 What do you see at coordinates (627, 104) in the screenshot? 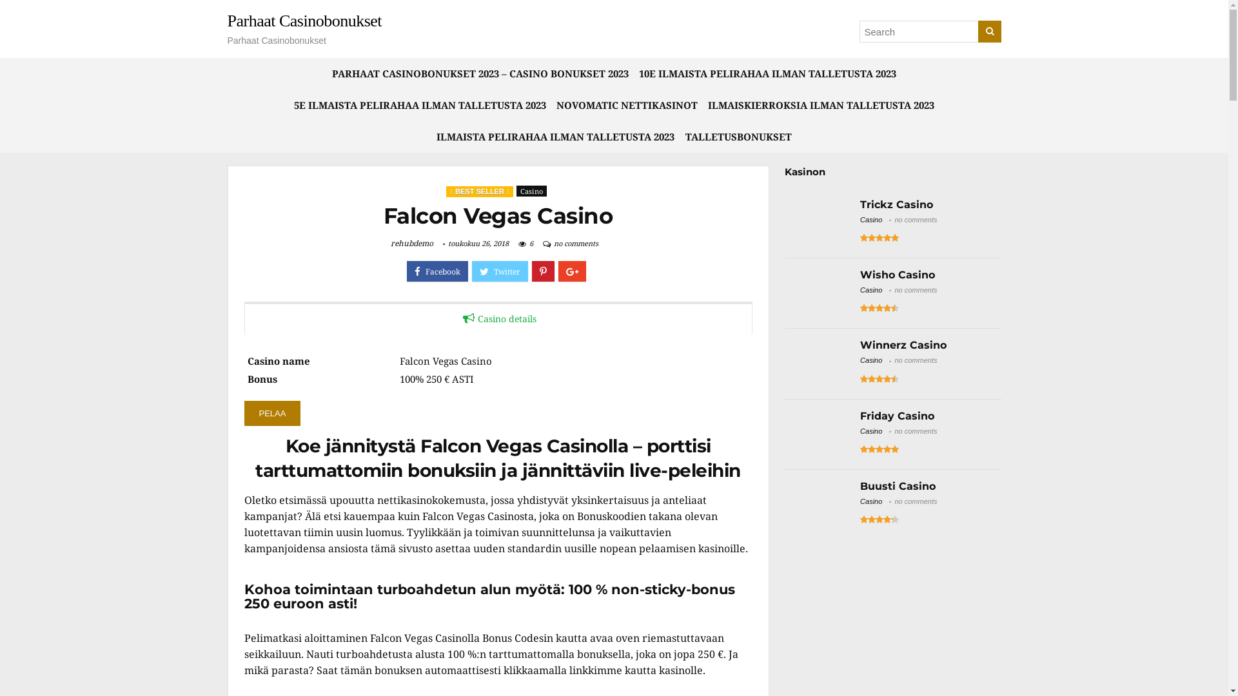
I see `'NOVOMATIC NETTIKASINOT'` at bounding box center [627, 104].